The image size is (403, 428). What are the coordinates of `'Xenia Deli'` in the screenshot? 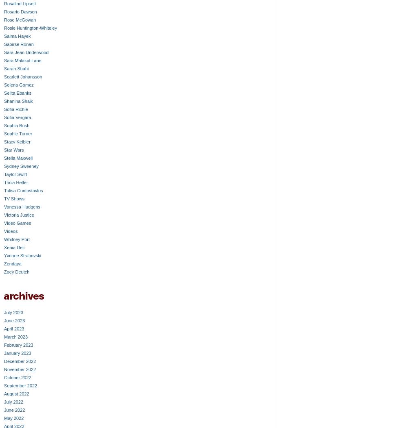 It's located at (14, 247).